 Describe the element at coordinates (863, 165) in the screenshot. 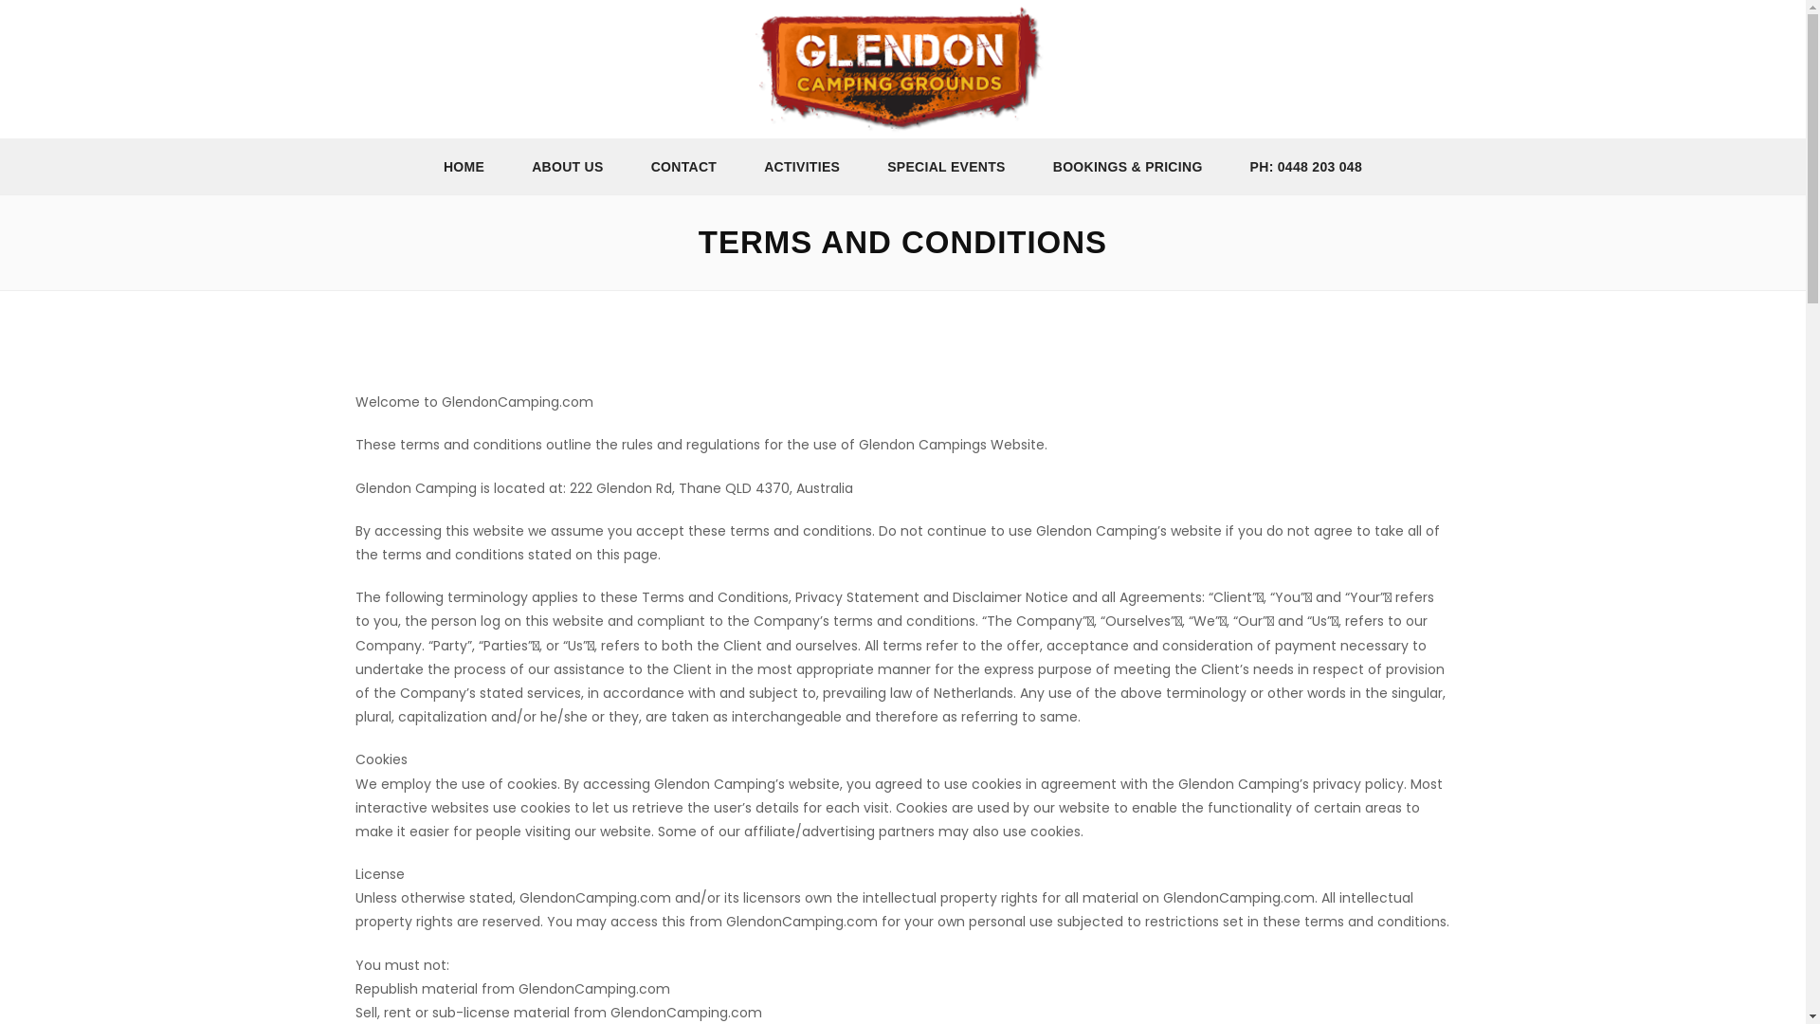

I see `'SPECIAL EVENTS'` at that location.